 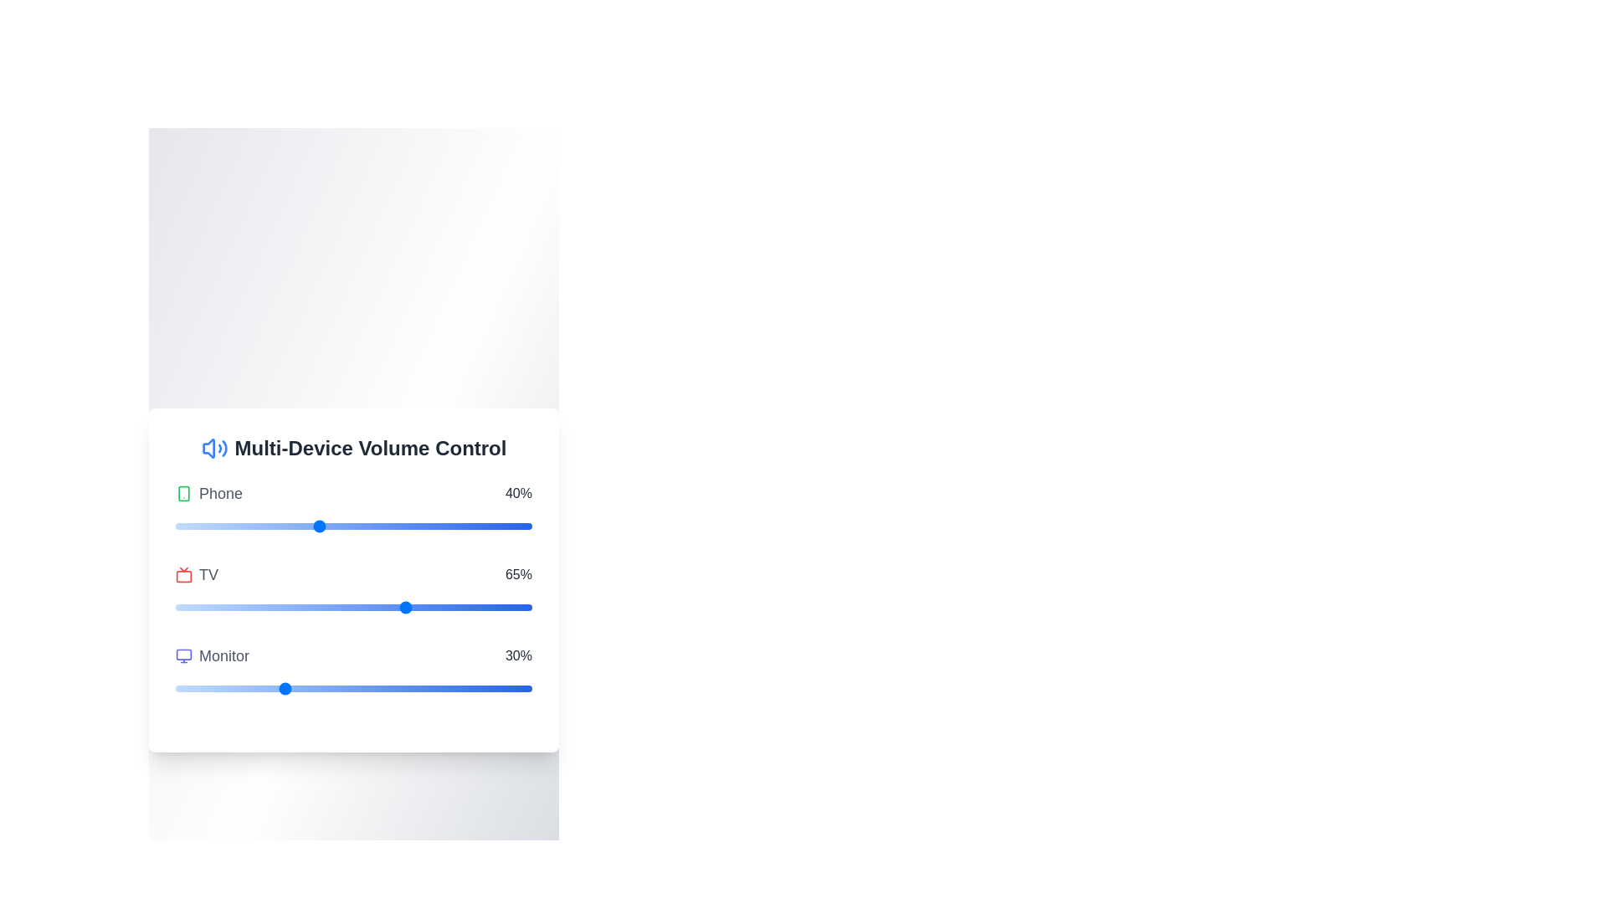 I want to click on the Text Display element that shows '30%' in dark gray, positioned at the right end of the Multi-Device Volume Control interface, so click(x=517, y=655).